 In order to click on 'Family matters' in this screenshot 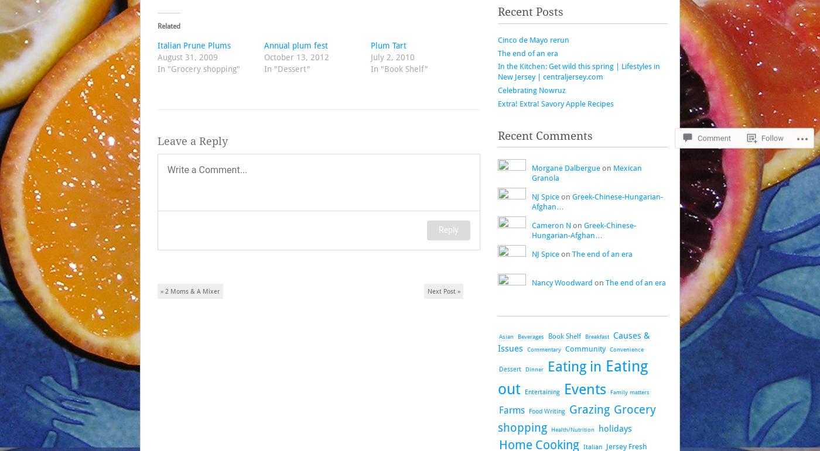, I will do `click(630, 391)`.